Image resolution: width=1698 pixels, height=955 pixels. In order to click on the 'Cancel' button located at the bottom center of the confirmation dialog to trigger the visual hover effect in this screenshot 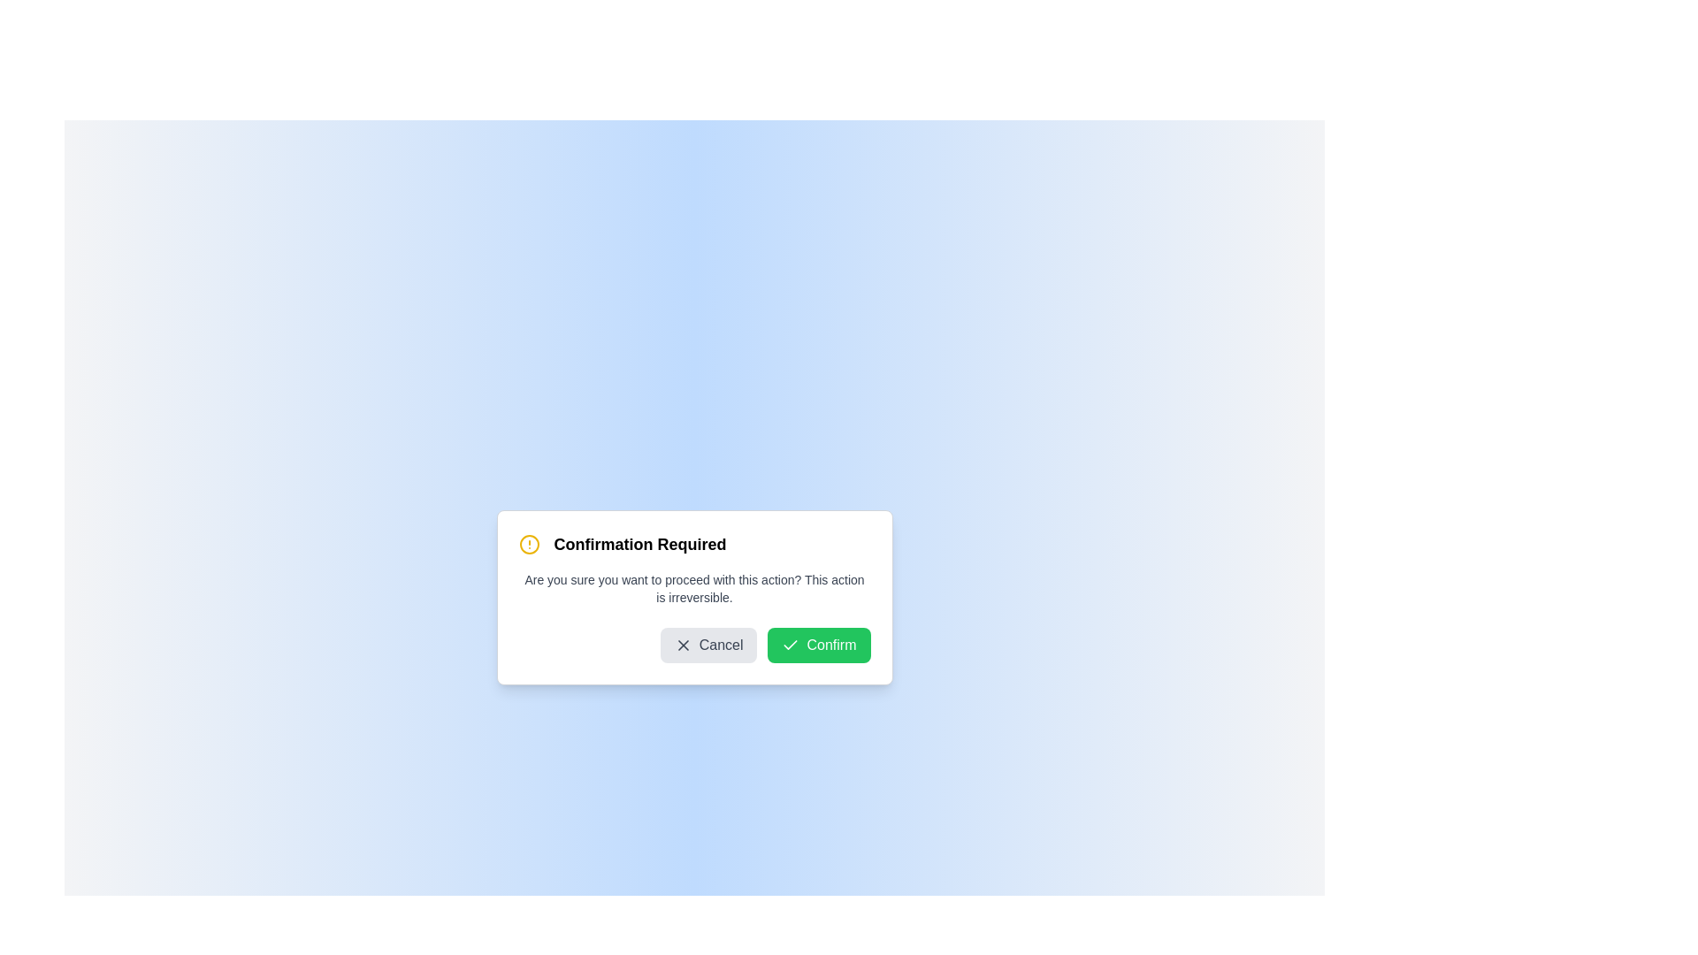, I will do `click(708, 645)`.